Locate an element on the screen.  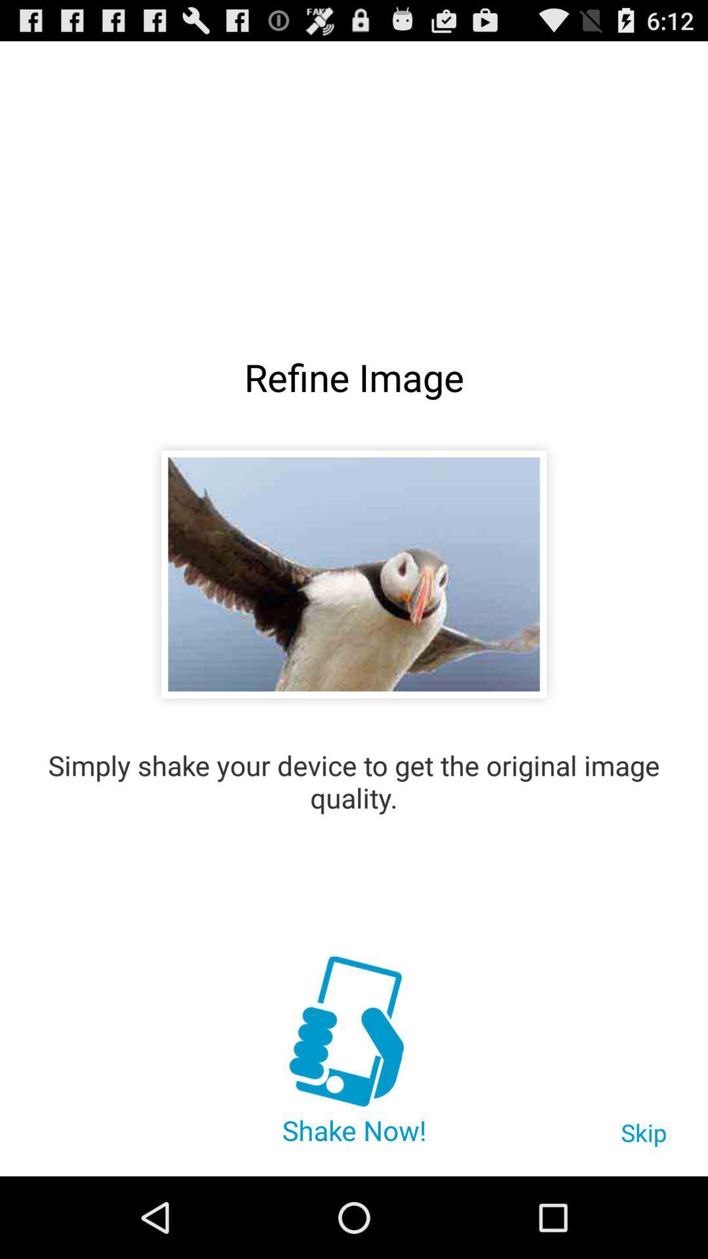
the icon at the bottom right corner is located at coordinates (643, 1138).